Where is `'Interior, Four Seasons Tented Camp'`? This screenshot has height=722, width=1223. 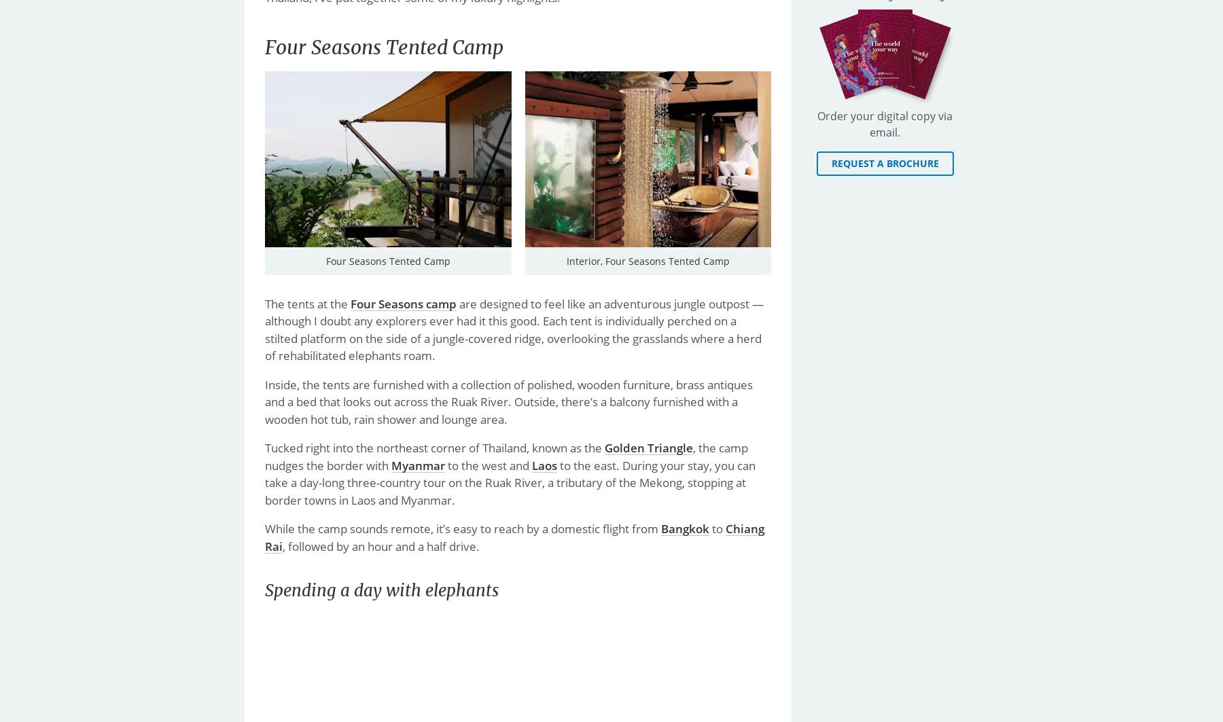
'Interior, Four Seasons Tented Camp' is located at coordinates (566, 260).